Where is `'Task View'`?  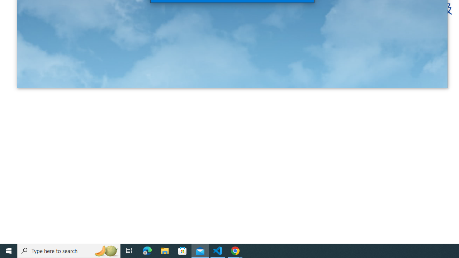
'Task View' is located at coordinates (129, 250).